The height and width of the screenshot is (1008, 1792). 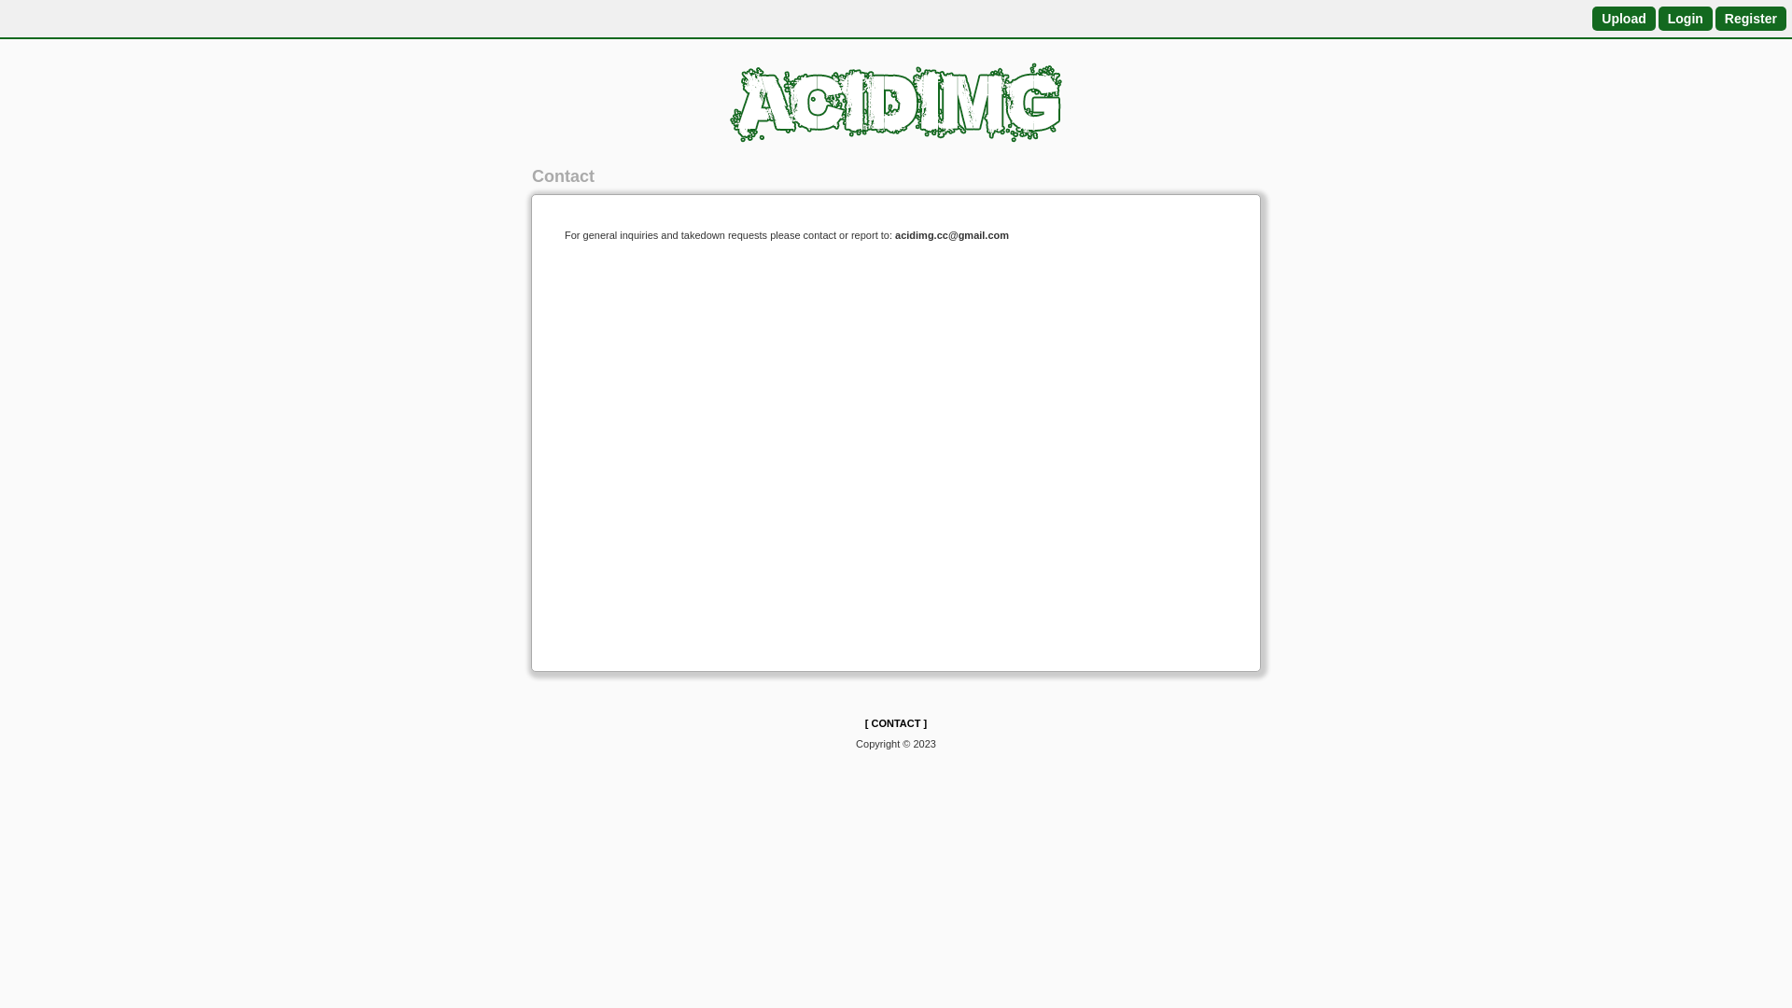 I want to click on 'Upload', so click(x=1622, y=18).